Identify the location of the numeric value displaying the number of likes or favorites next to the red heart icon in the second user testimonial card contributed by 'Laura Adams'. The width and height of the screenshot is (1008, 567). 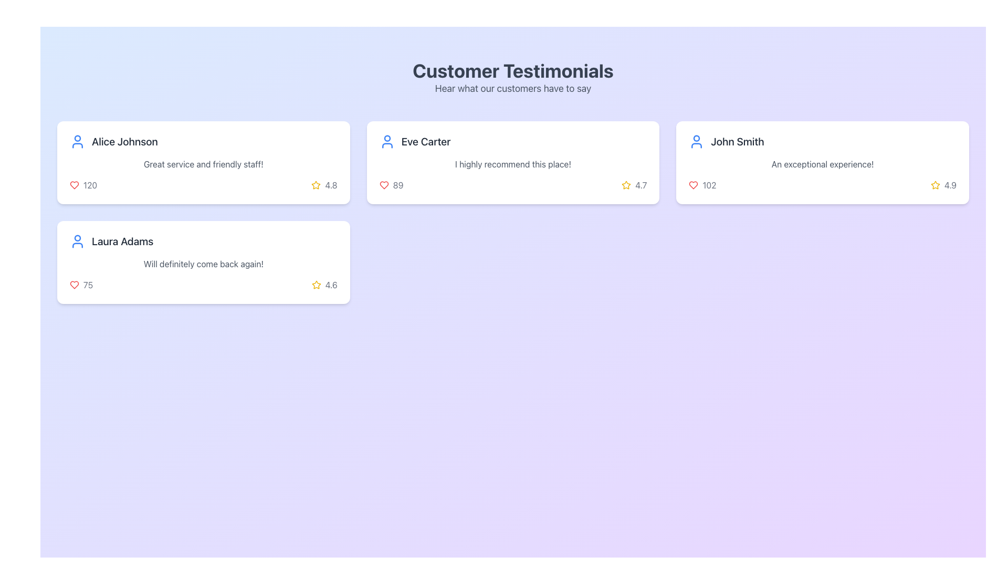
(88, 285).